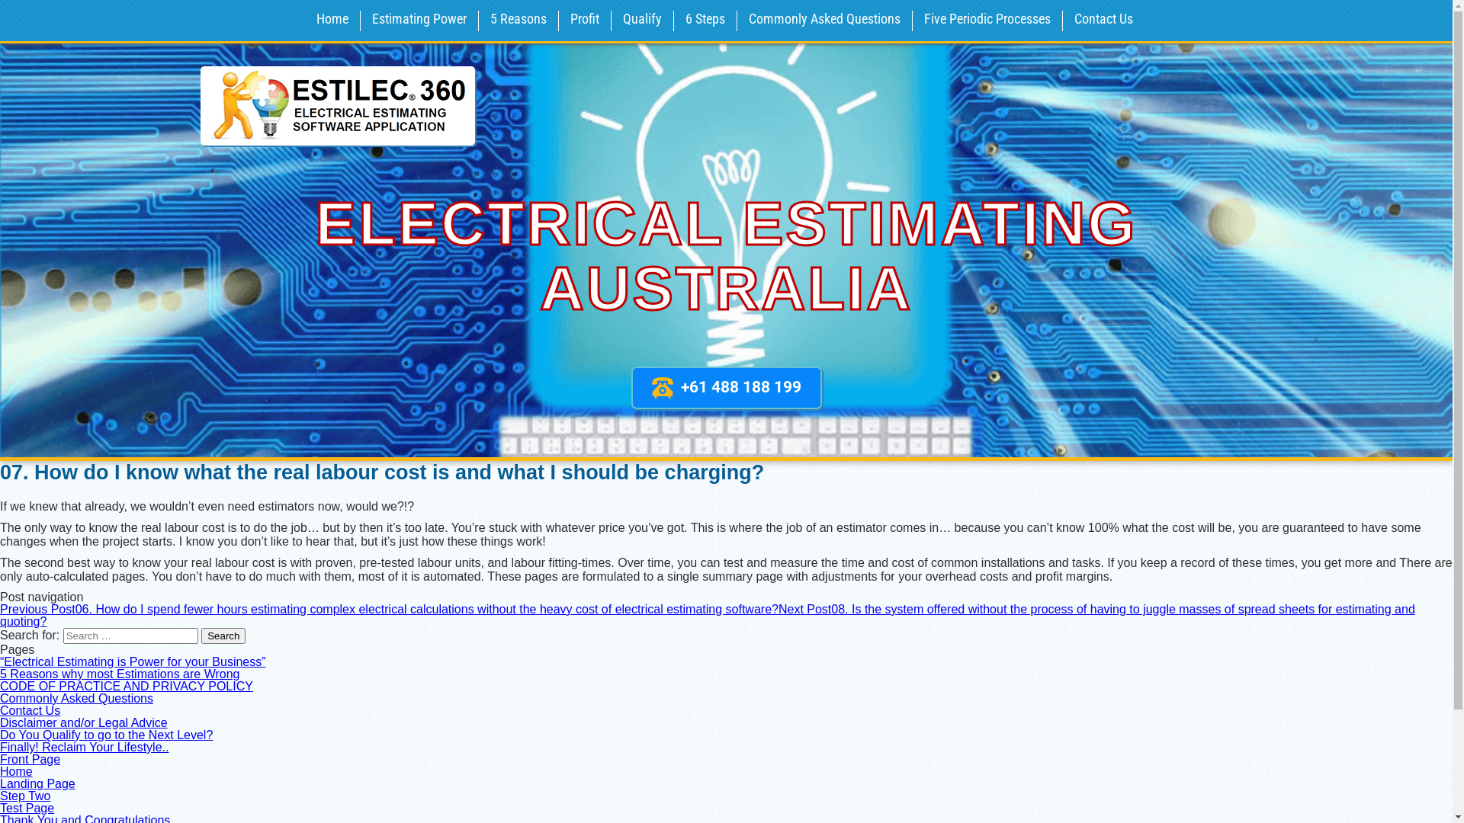 Image resolution: width=1464 pixels, height=823 pixels. What do you see at coordinates (37, 783) in the screenshot?
I see `'Landing Page'` at bounding box center [37, 783].